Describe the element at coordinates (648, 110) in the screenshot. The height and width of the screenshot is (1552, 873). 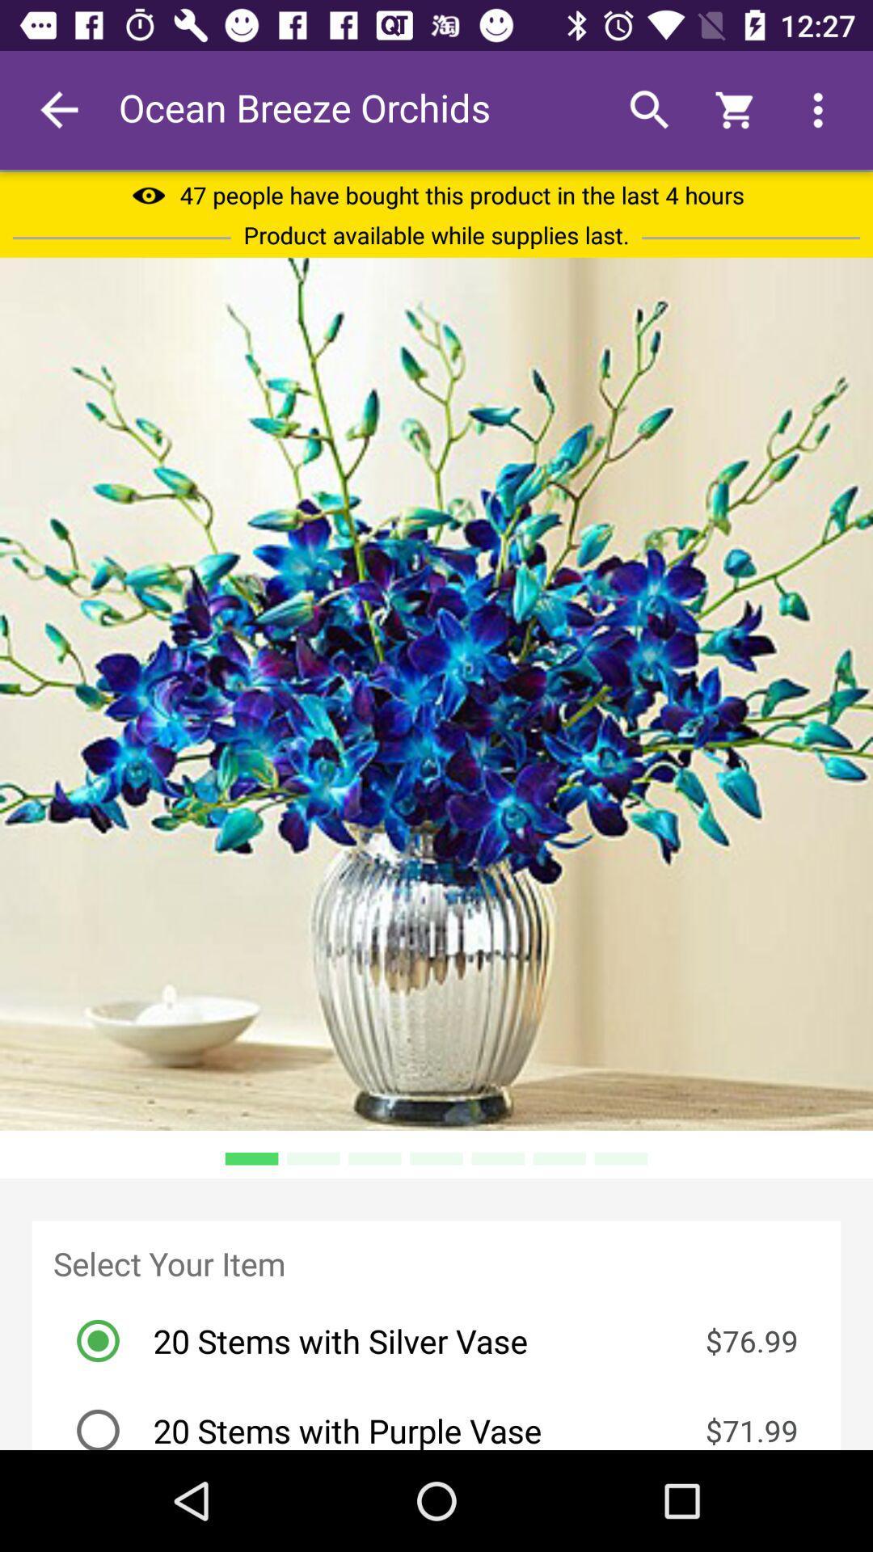
I see `the icon right to the text orchids` at that location.